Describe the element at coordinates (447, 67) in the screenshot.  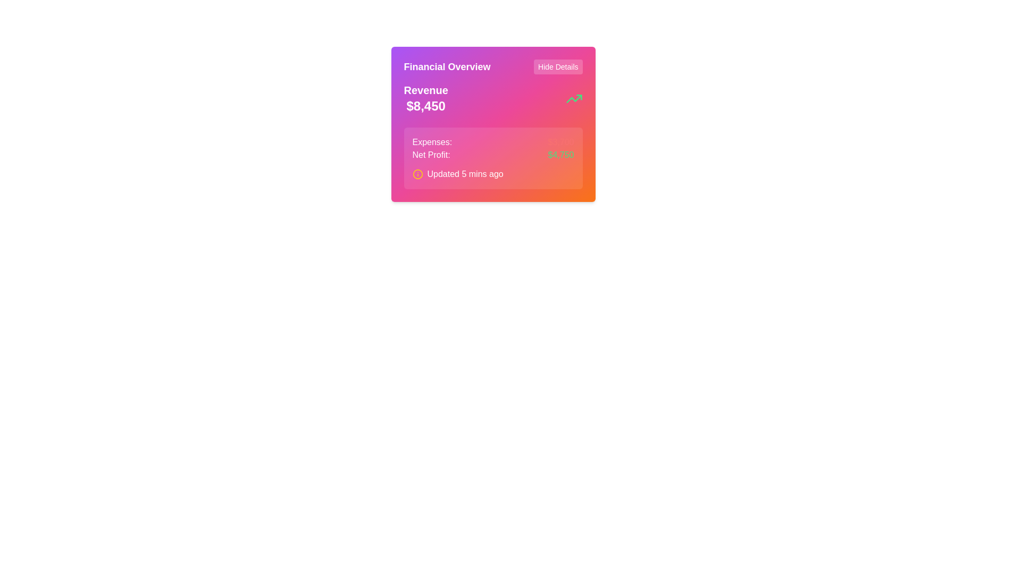
I see `the 'Financial Overview' text label, which is styled in a bold and larger font, located at the top-left of a colorful gradient card transitioning from pink to orange` at that location.